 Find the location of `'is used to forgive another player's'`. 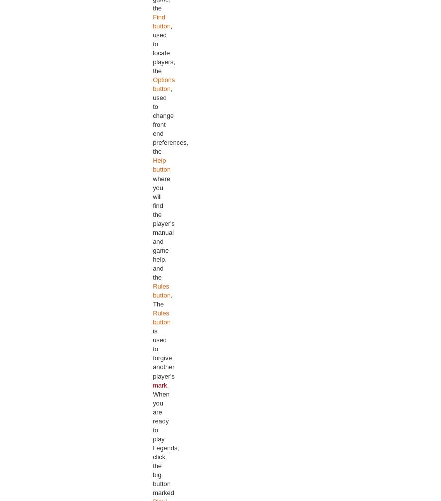

'is used to forgive another player's' is located at coordinates (163, 353).